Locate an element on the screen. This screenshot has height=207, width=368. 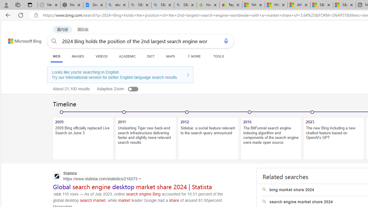
'MAPS' is located at coordinates (170, 56).